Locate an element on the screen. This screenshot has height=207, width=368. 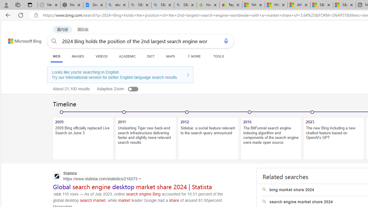
'MAPS' is located at coordinates (170, 56).